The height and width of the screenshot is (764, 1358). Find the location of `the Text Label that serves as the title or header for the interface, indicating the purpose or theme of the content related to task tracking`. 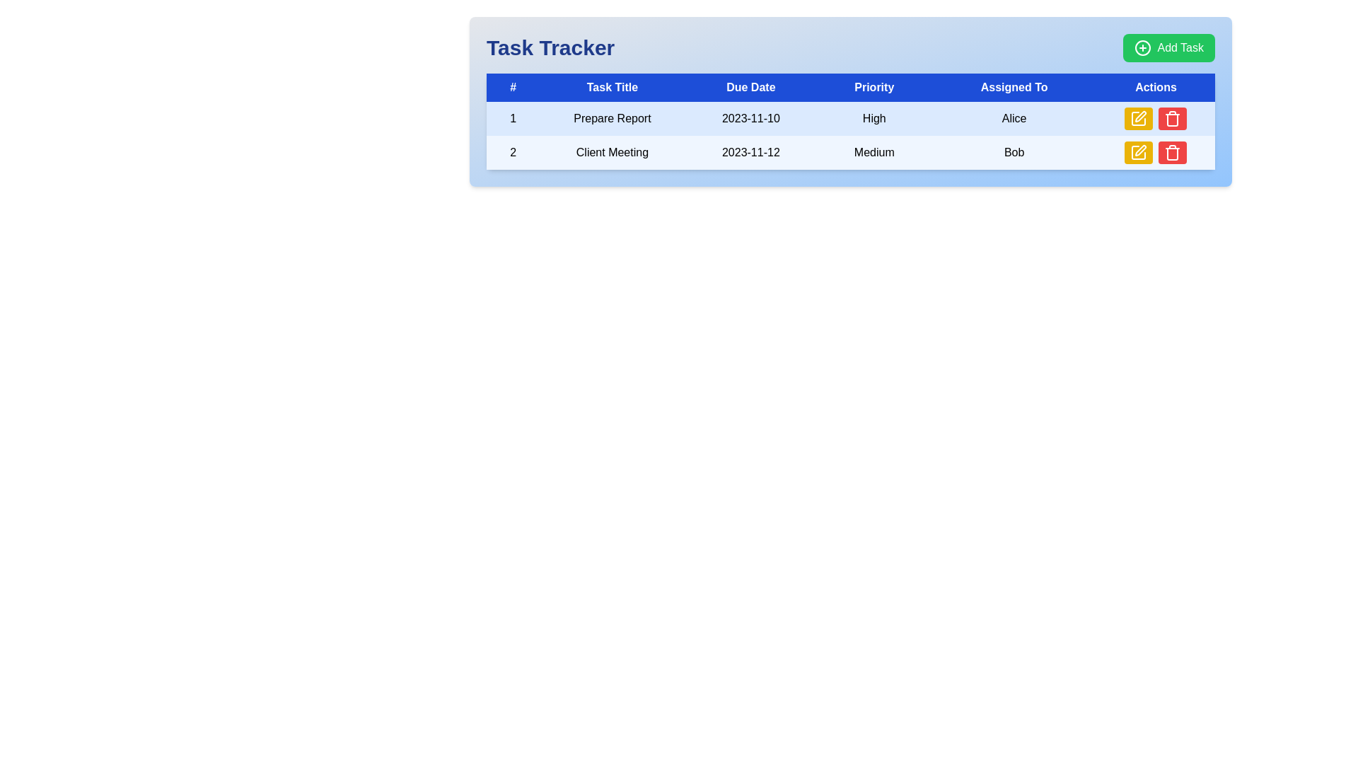

the Text Label that serves as the title or header for the interface, indicating the purpose or theme of the content related to task tracking is located at coordinates (550, 47).